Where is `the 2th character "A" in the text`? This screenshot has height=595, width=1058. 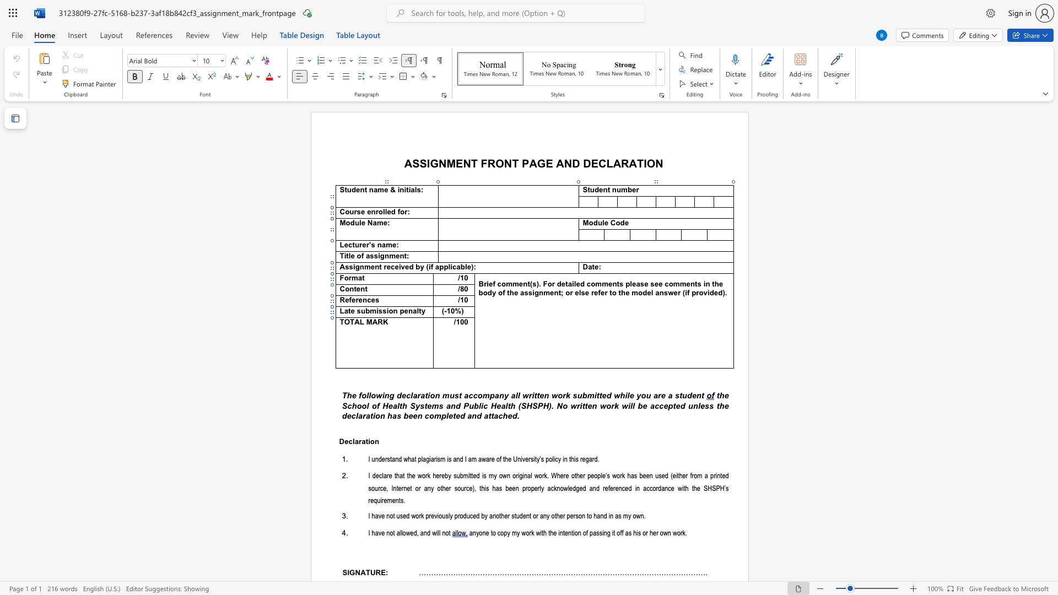 the 2th character "A" in the text is located at coordinates (375, 322).